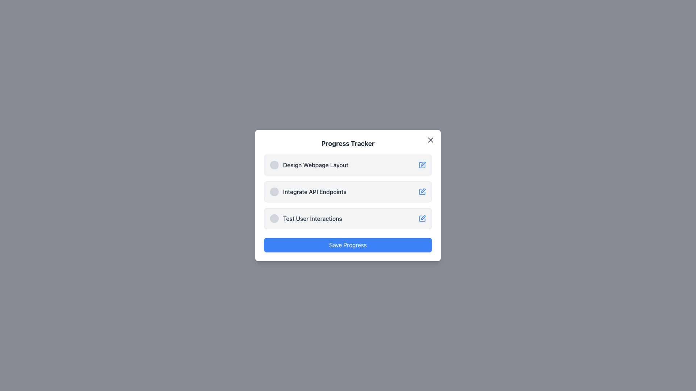 This screenshot has height=391, width=696. What do you see at coordinates (315, 191) in the screenshot?
I see `the text label displaying 'Integrate API Endpoints' which is positioned second in the vertical list of a task progress tracking interface` at bounding box center [315, 191].